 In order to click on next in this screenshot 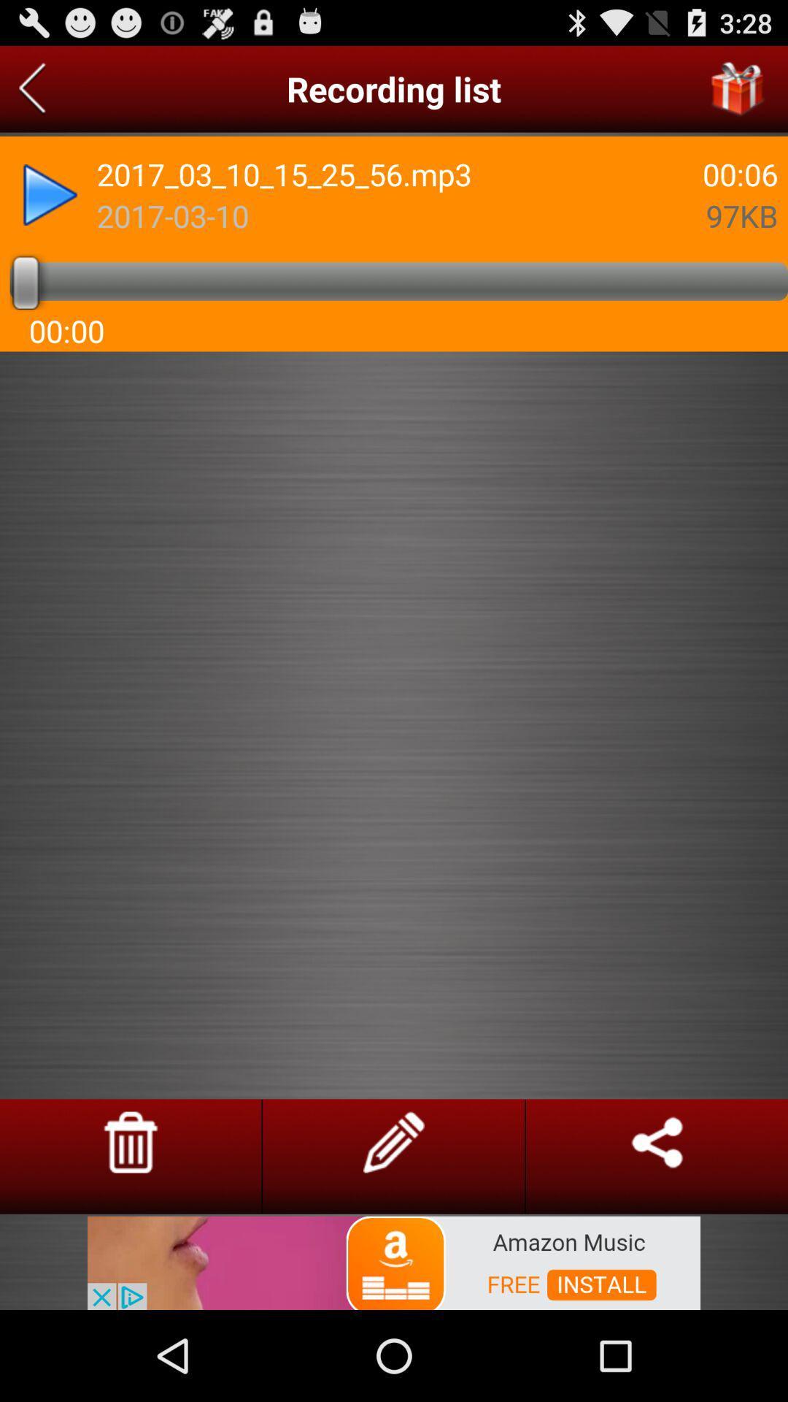, I will do `click(50, 194)`.